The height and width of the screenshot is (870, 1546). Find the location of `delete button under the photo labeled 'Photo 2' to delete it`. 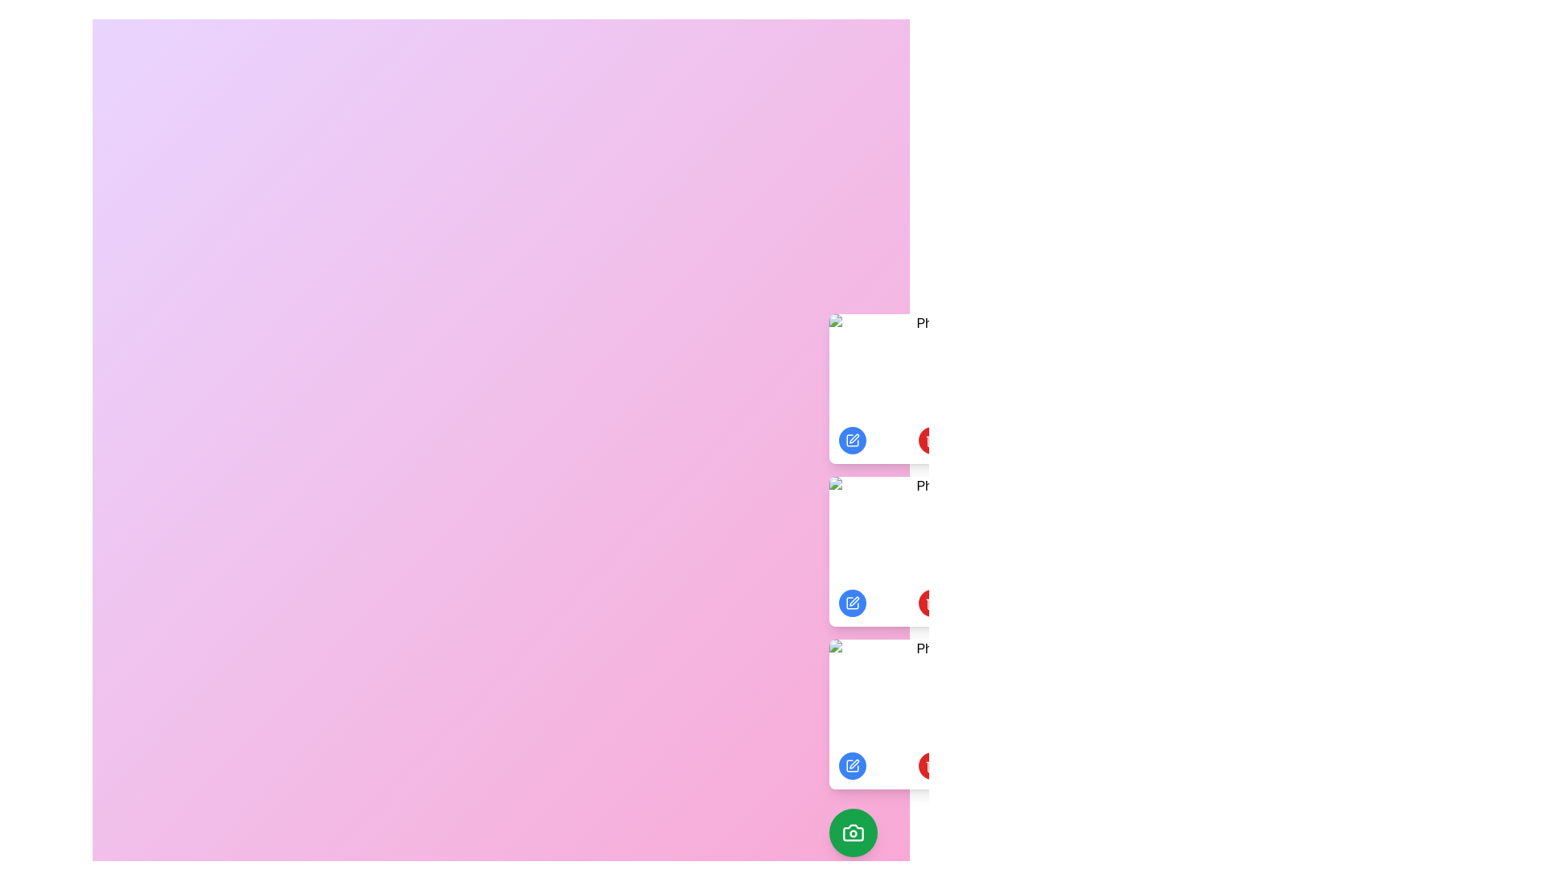

delete button under the photo labeled 'Photo 2' to delete it is located at coordinates (932, 603).